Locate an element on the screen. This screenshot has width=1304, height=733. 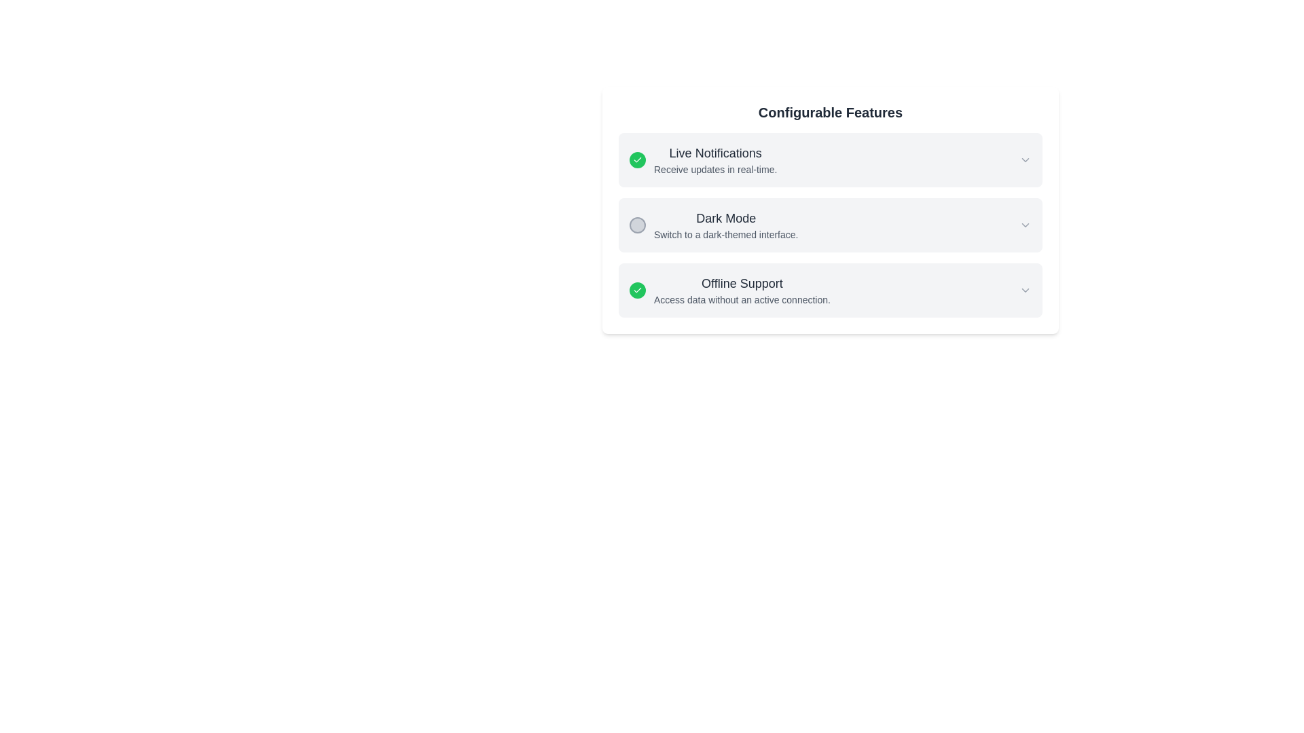
the descriptive text label located below the 'Dark Mode' title, which provides additional context about the functionality of the 'Dark Mode' option is located at coordinates (725, 234).